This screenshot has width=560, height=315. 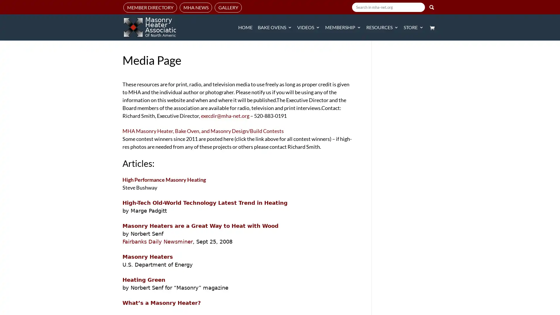 What do you see at coordinates (431, 7) in the screenshot?
I see `Search` at bounding box center [431, 7].